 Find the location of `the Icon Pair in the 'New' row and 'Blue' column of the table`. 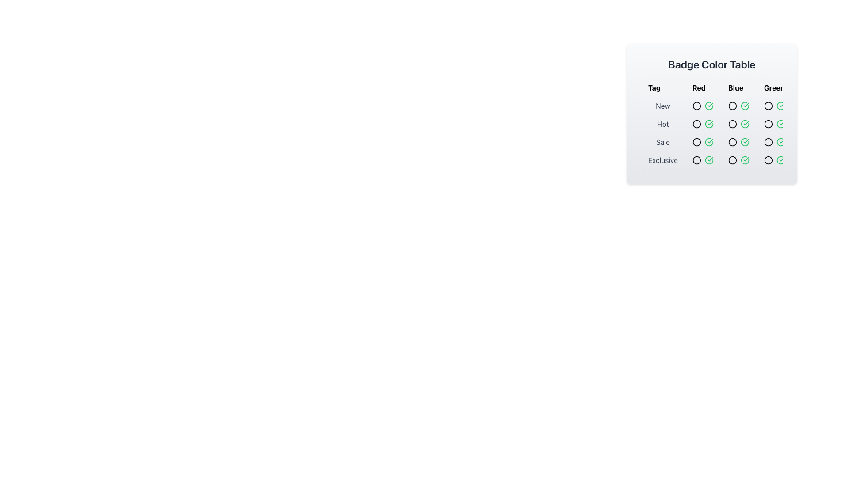

the Icon Pair in the 'New' row and 'Blue' column of the table is located at coordinates (738, 105).